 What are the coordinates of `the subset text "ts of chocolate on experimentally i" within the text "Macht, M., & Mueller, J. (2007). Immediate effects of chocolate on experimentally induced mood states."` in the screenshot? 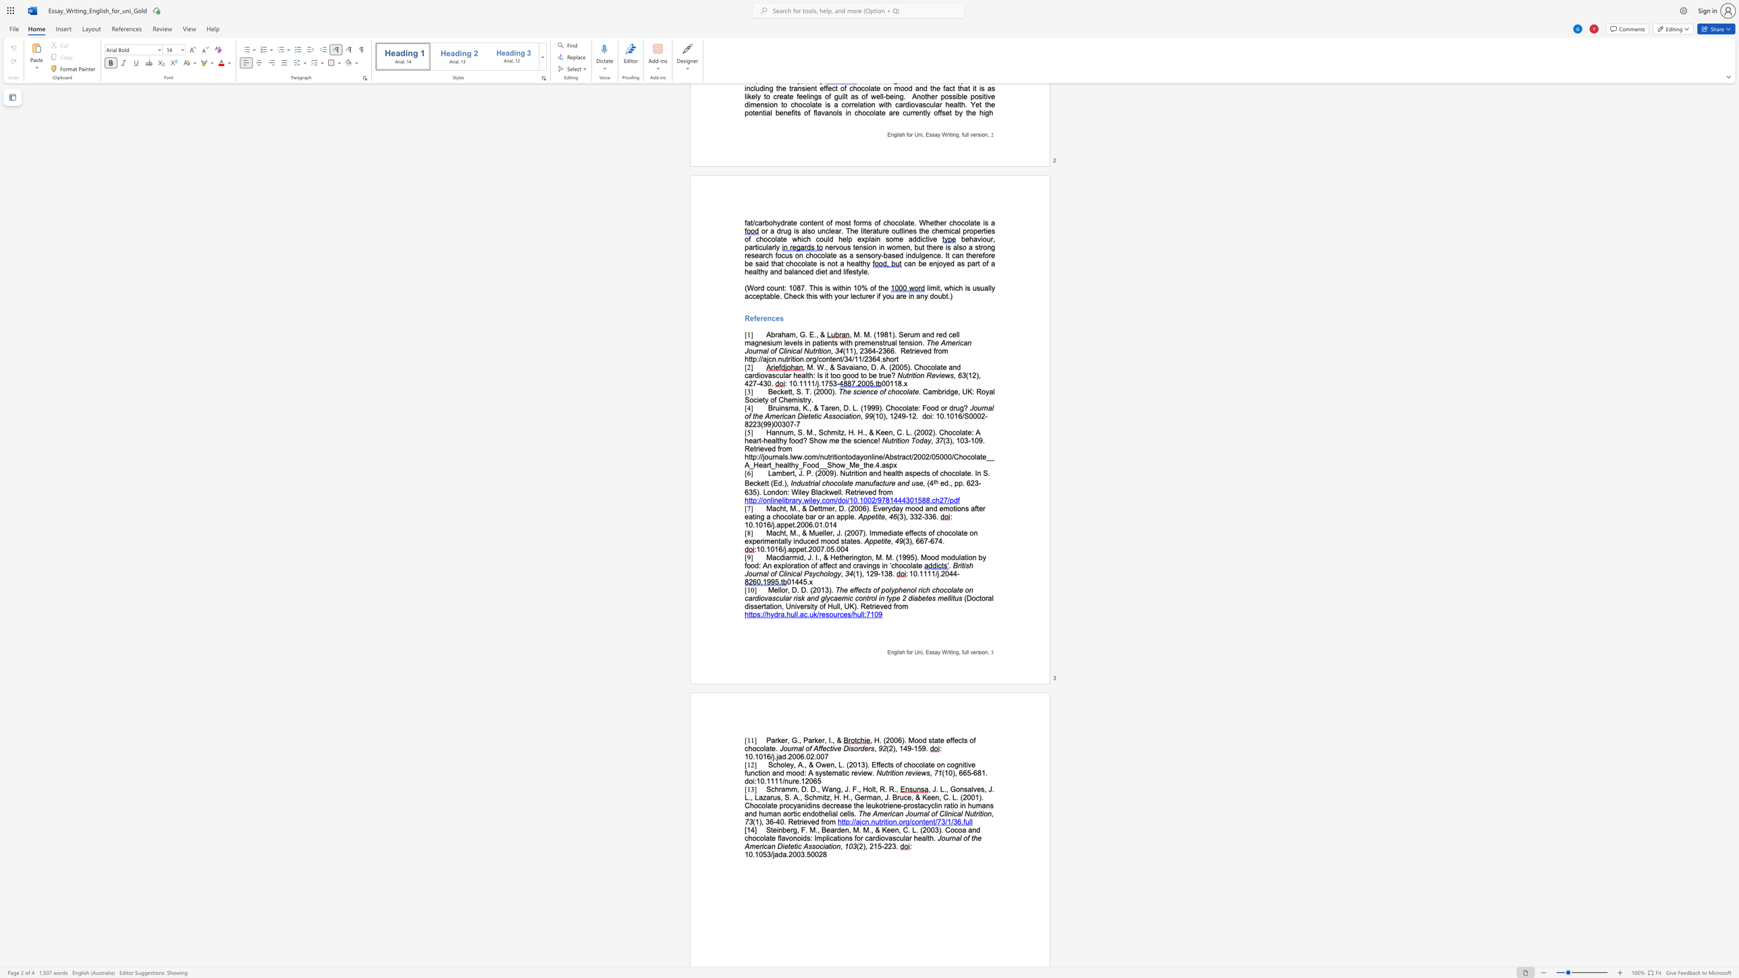 It's located at (919, 532).